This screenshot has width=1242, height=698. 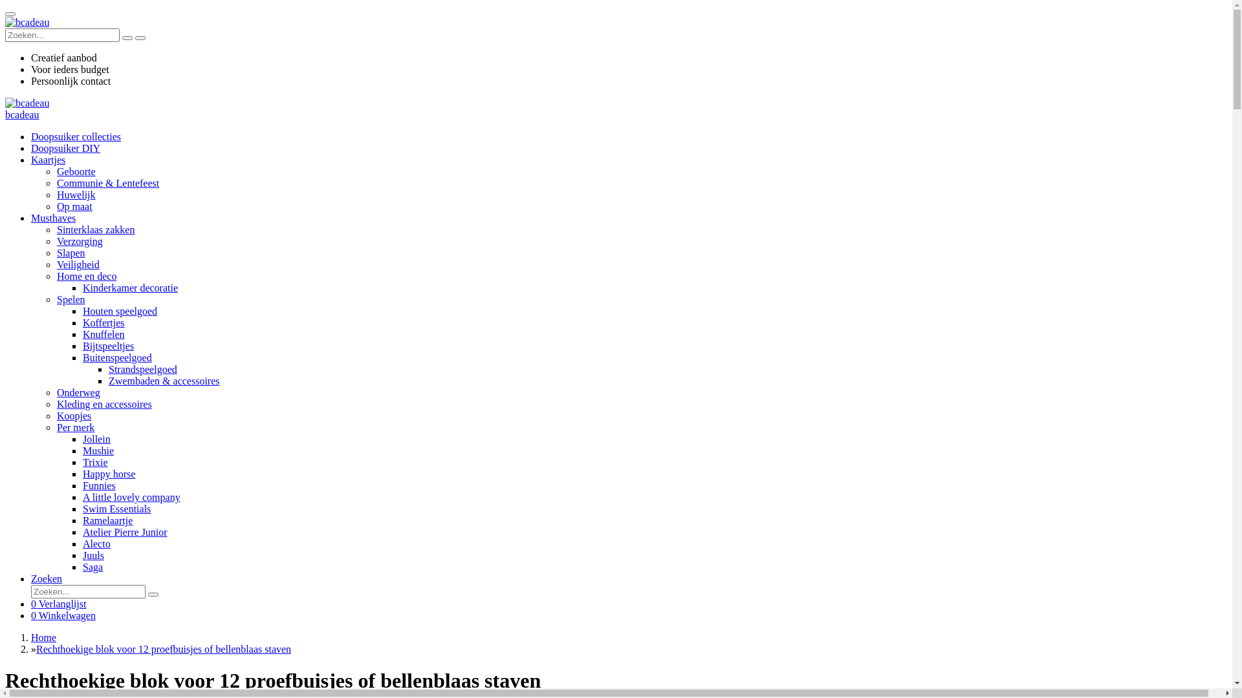 I want to click on 'Mushie', so click(x=98, y=450).